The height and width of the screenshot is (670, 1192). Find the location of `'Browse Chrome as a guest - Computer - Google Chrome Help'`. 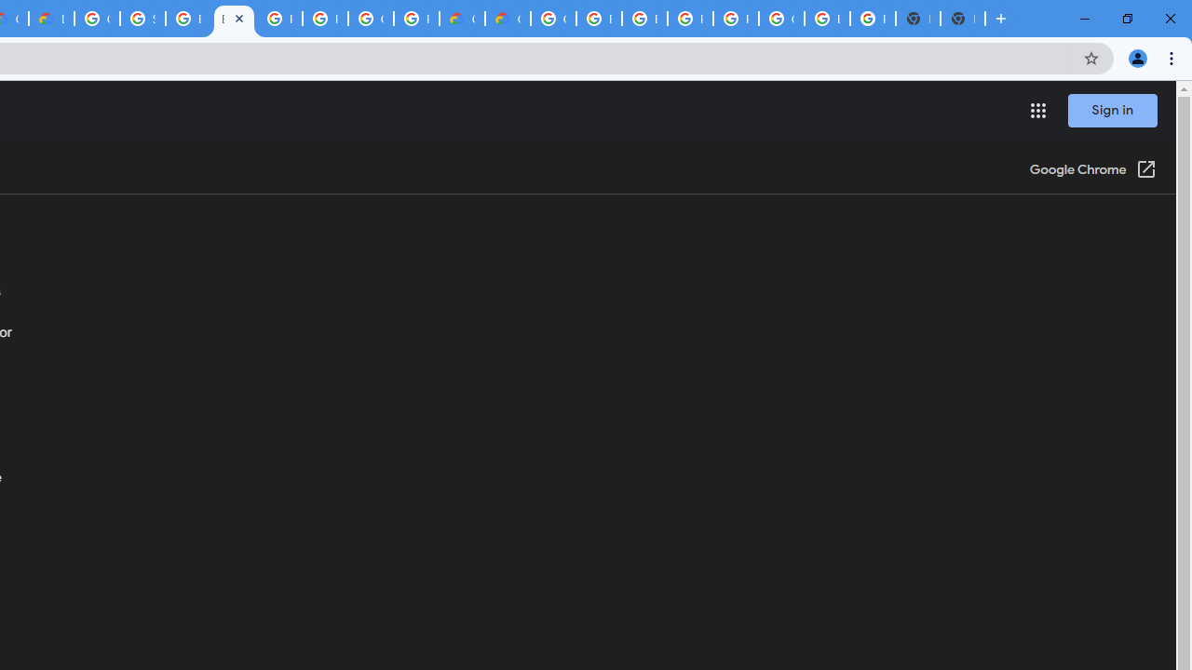

'Browse Chrome as a guest - Computer - Google Chrome Help' is located at coordinates (233, 19).